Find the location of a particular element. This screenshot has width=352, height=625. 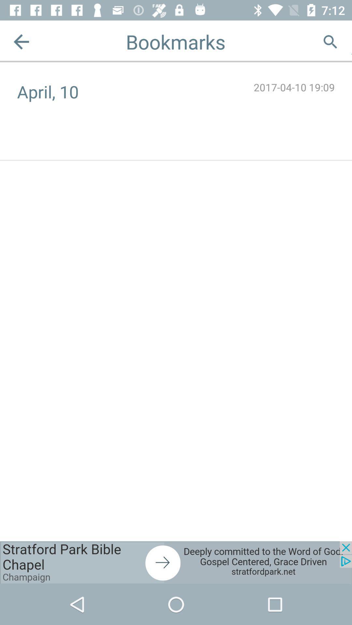

advertisement is located at coordinates (176, 562).